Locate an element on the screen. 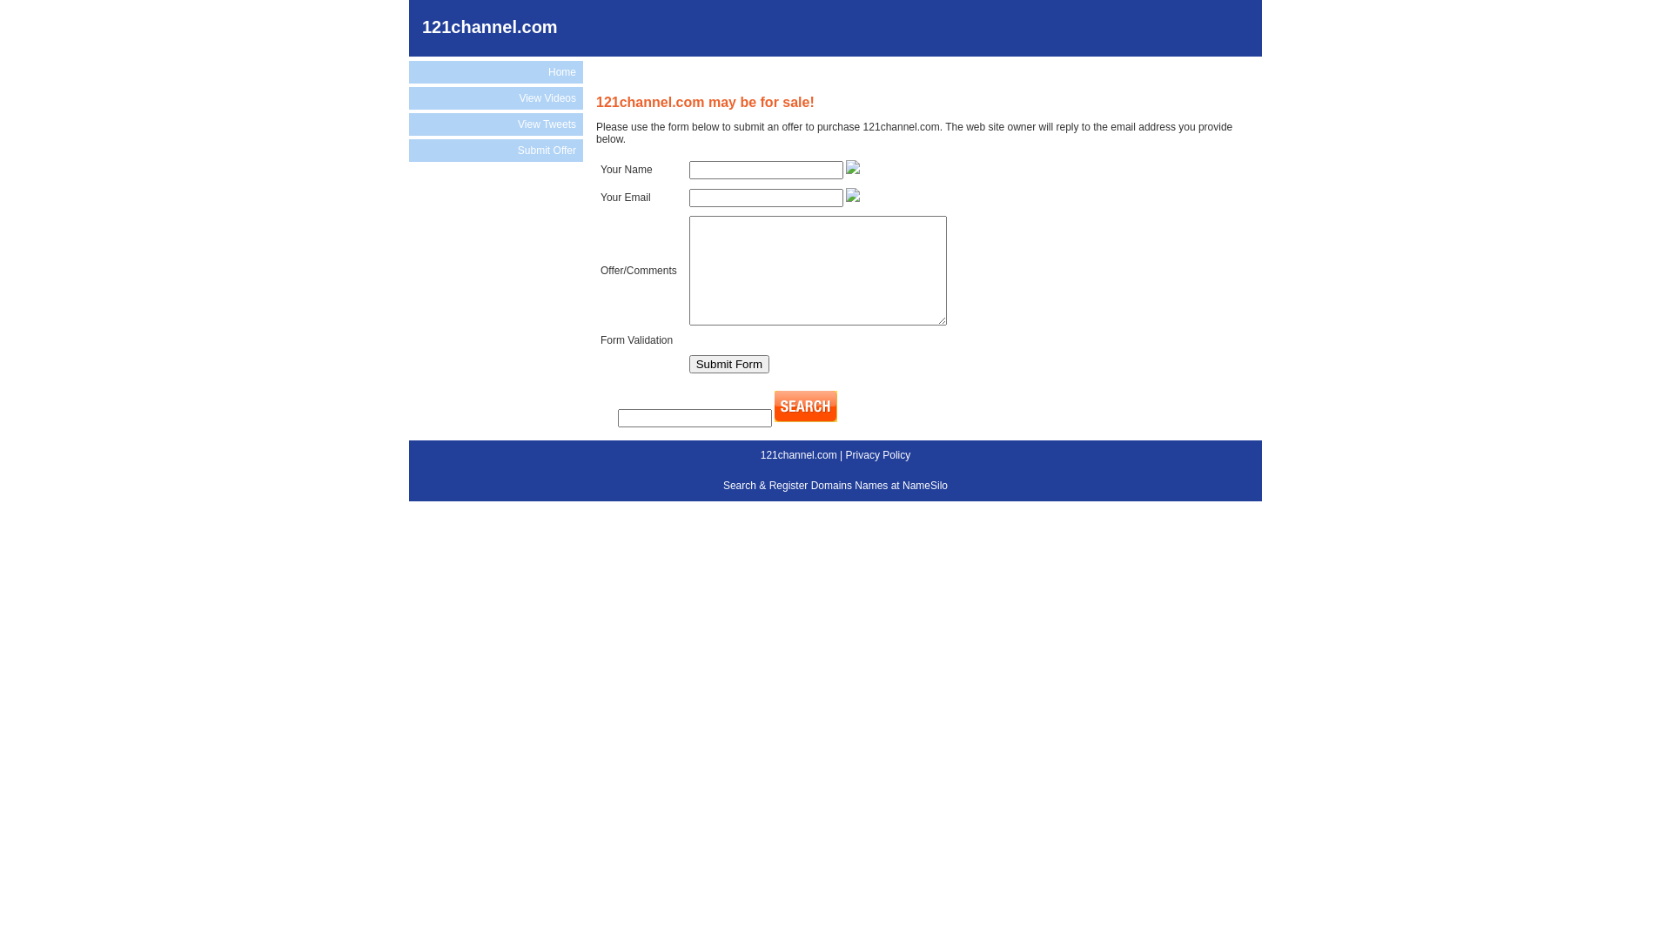 This screenshot has height=940, width=1671. 'Home' is located at coordinates (495, 71).